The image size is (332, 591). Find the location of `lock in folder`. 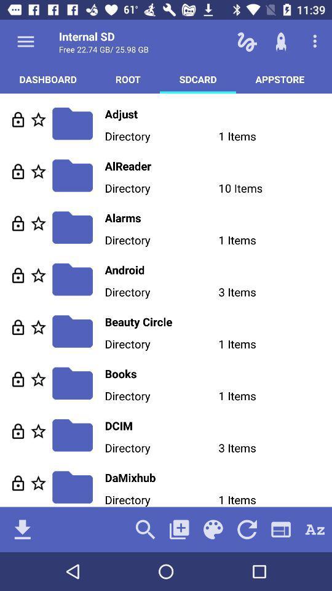

lock in folder is located at coordinates (17, 483).